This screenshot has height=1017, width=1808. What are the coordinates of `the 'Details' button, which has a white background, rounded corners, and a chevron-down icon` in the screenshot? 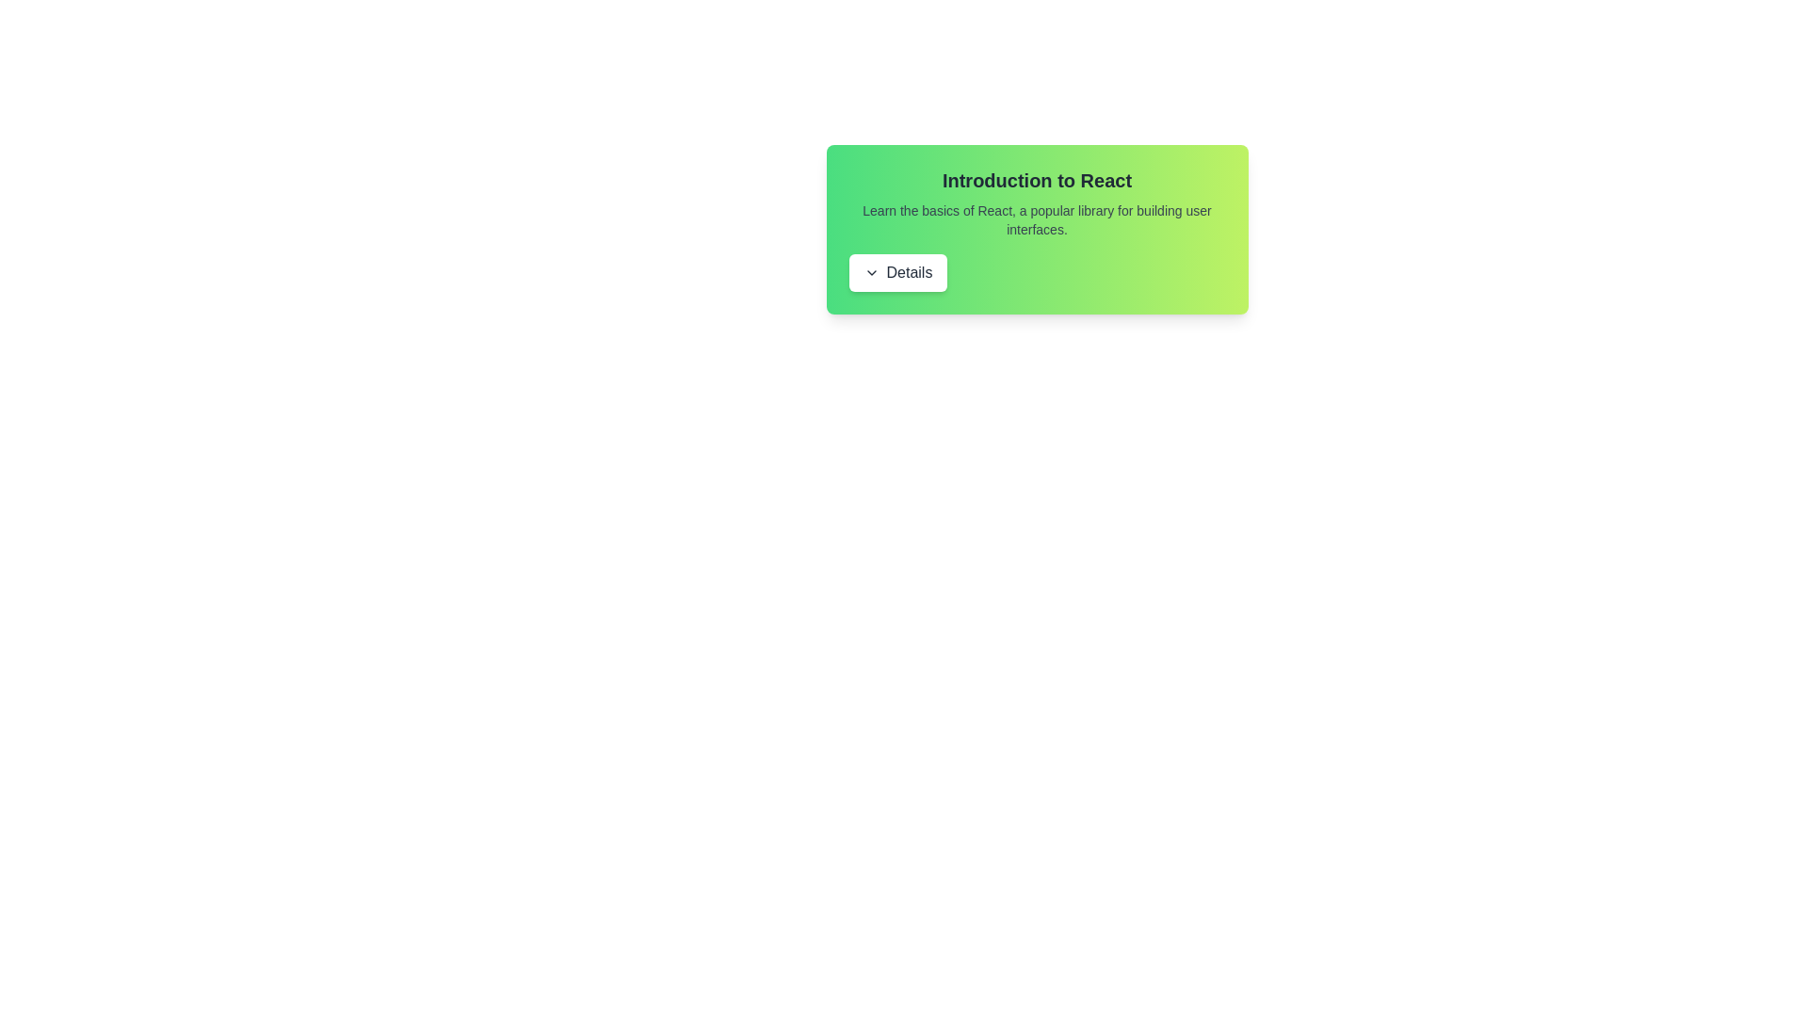 It's located at (896, 272).